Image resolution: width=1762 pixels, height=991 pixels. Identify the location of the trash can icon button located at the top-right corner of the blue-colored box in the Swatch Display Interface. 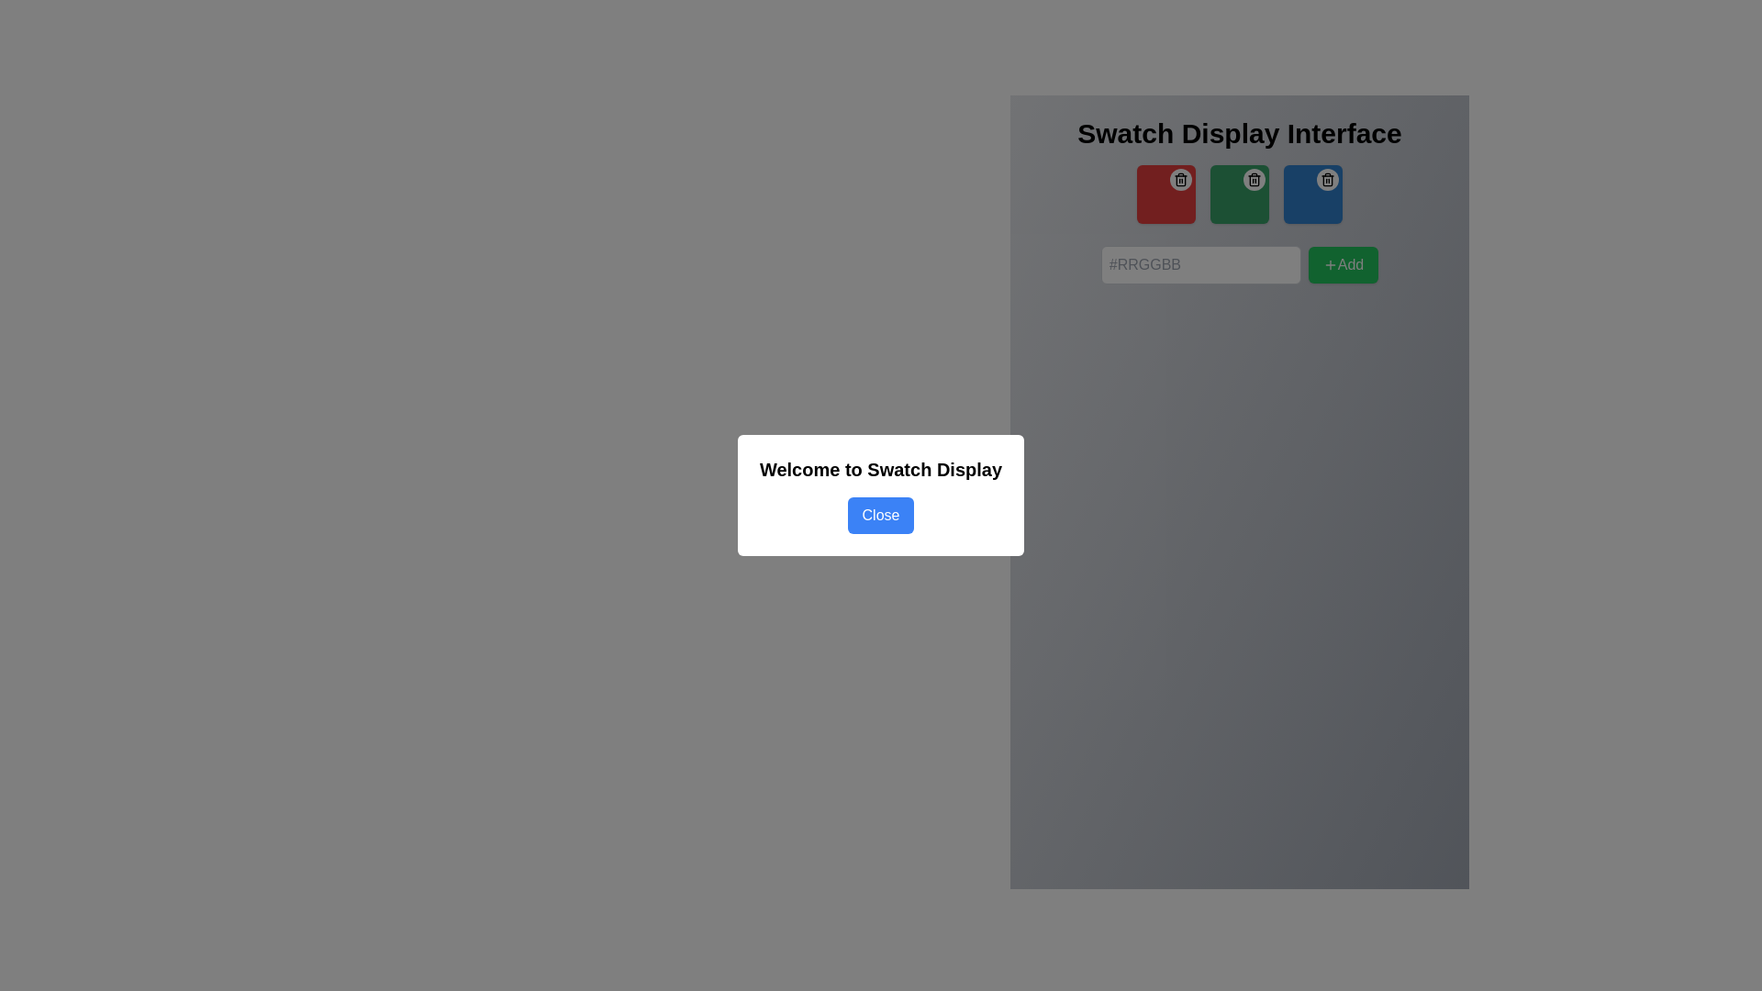
(1327, 180).